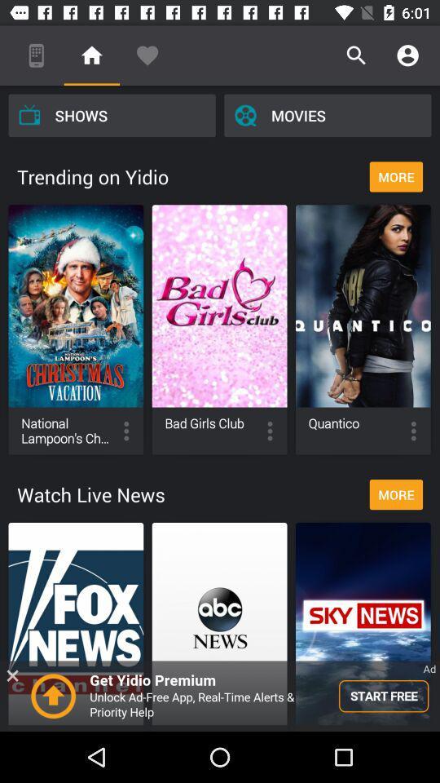 The height and width of the screenshot is (783, 440). What do you see at coordinates (328, 114) in the screenshot?
I see `the item next to the shows` at bounding box center [328, 114].